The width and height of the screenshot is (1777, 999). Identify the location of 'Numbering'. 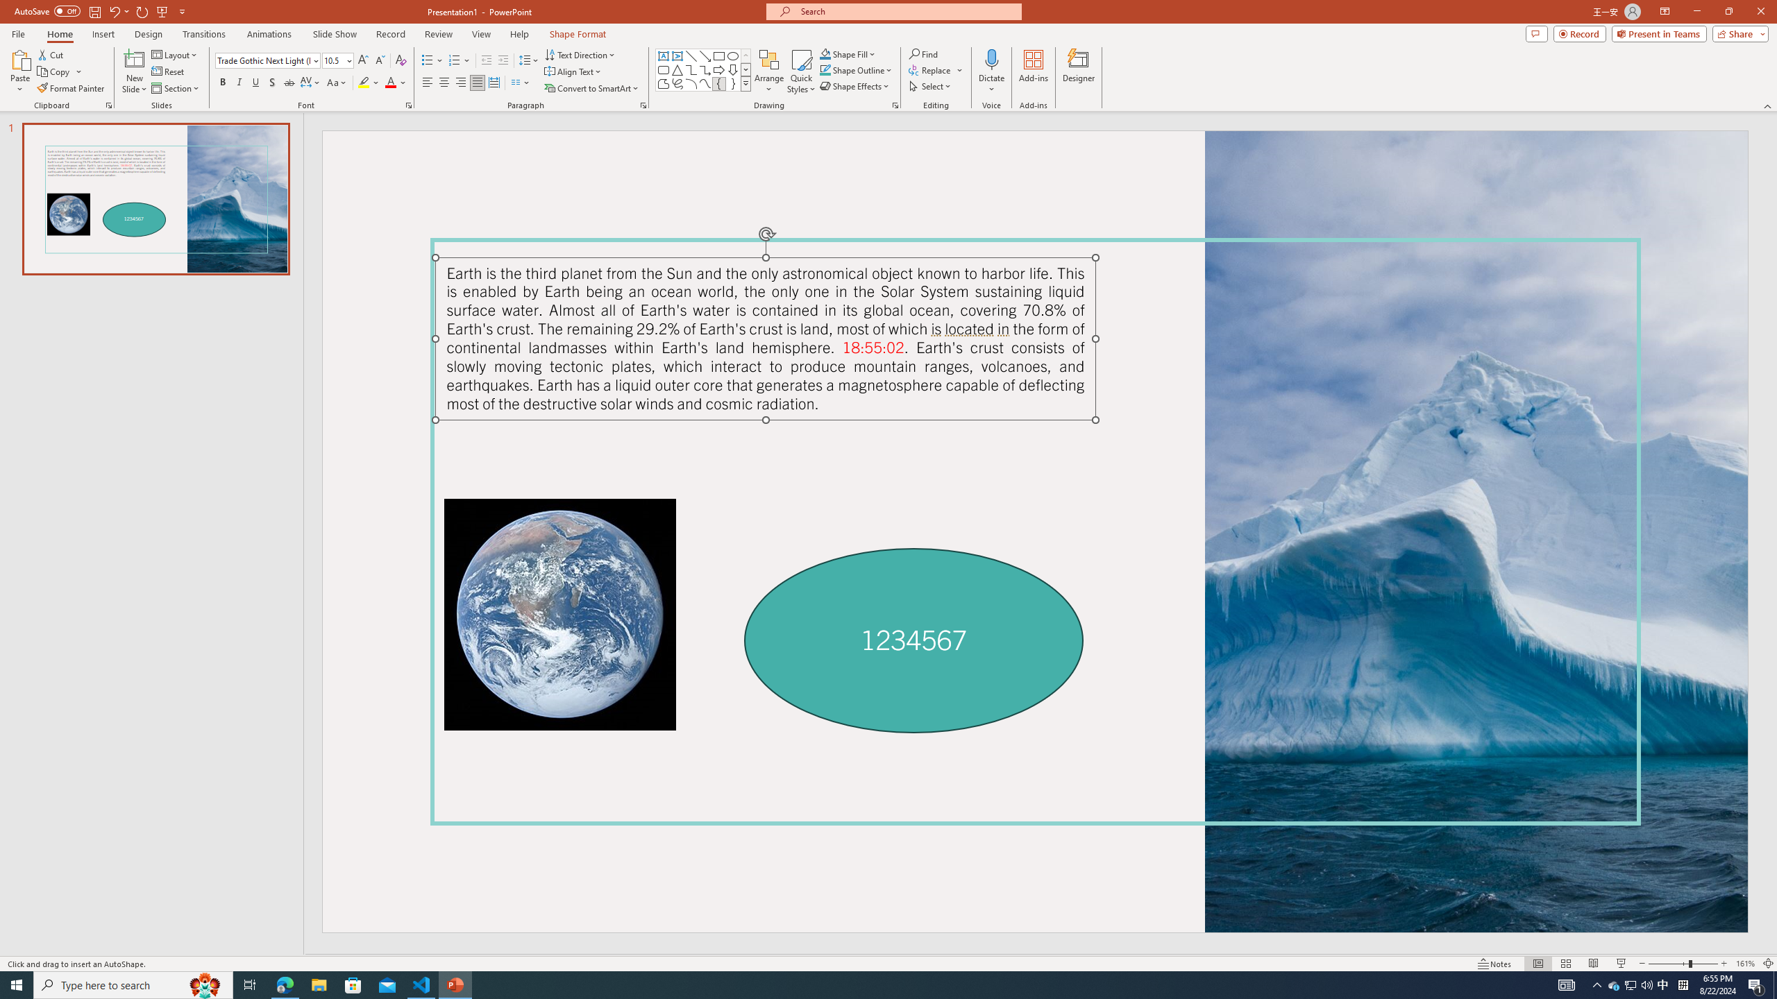
(460, 60).